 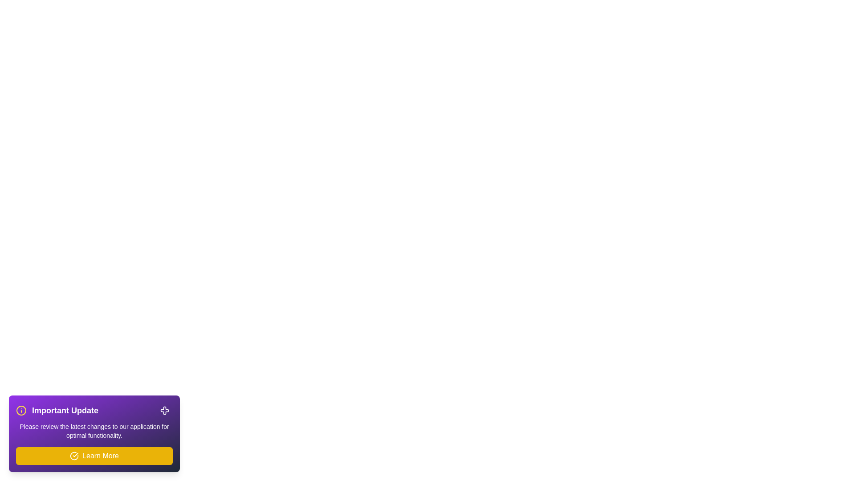 I want to click on 'Learn More' button to access more information, so click(x=94, y=456).